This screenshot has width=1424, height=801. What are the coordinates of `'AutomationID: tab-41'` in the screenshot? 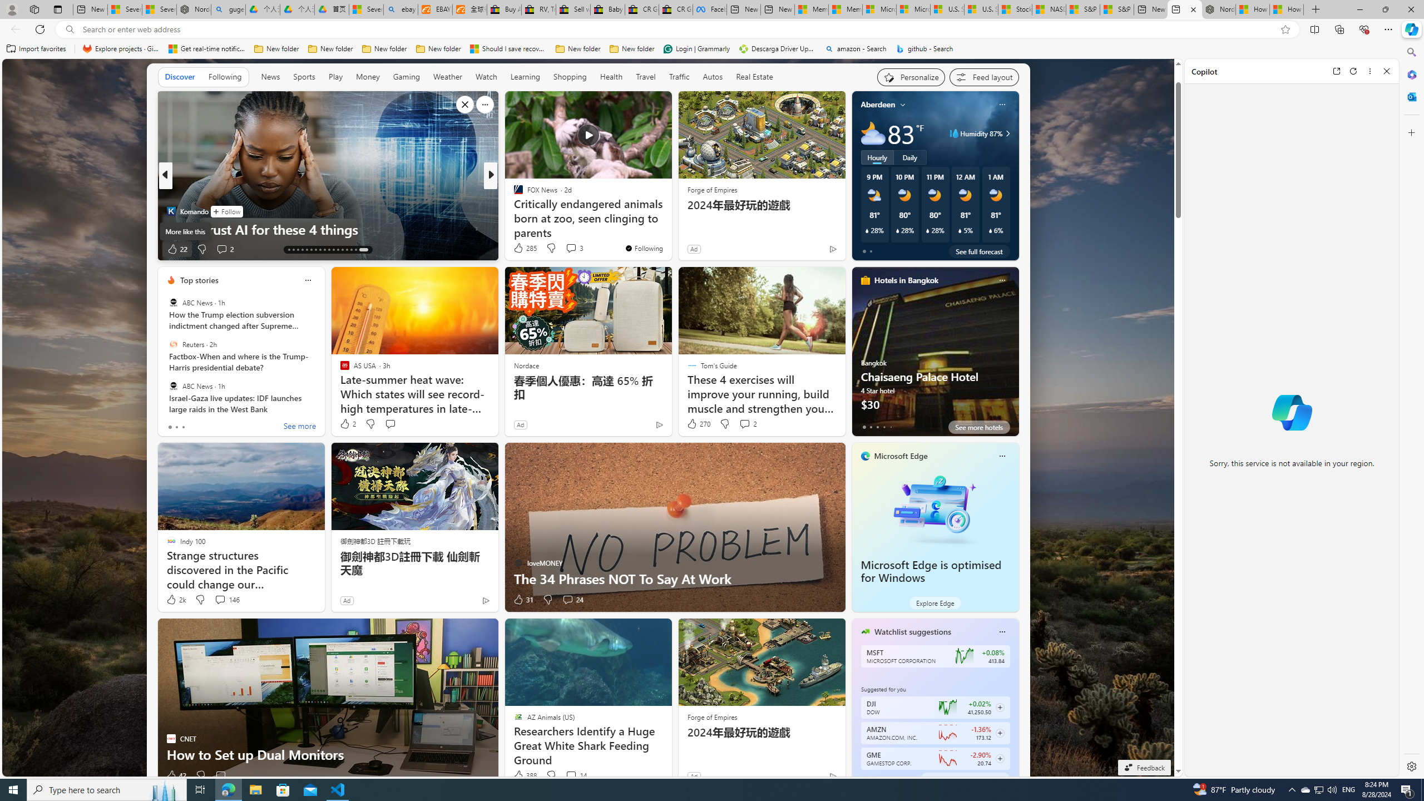 It's located at (356, 249).